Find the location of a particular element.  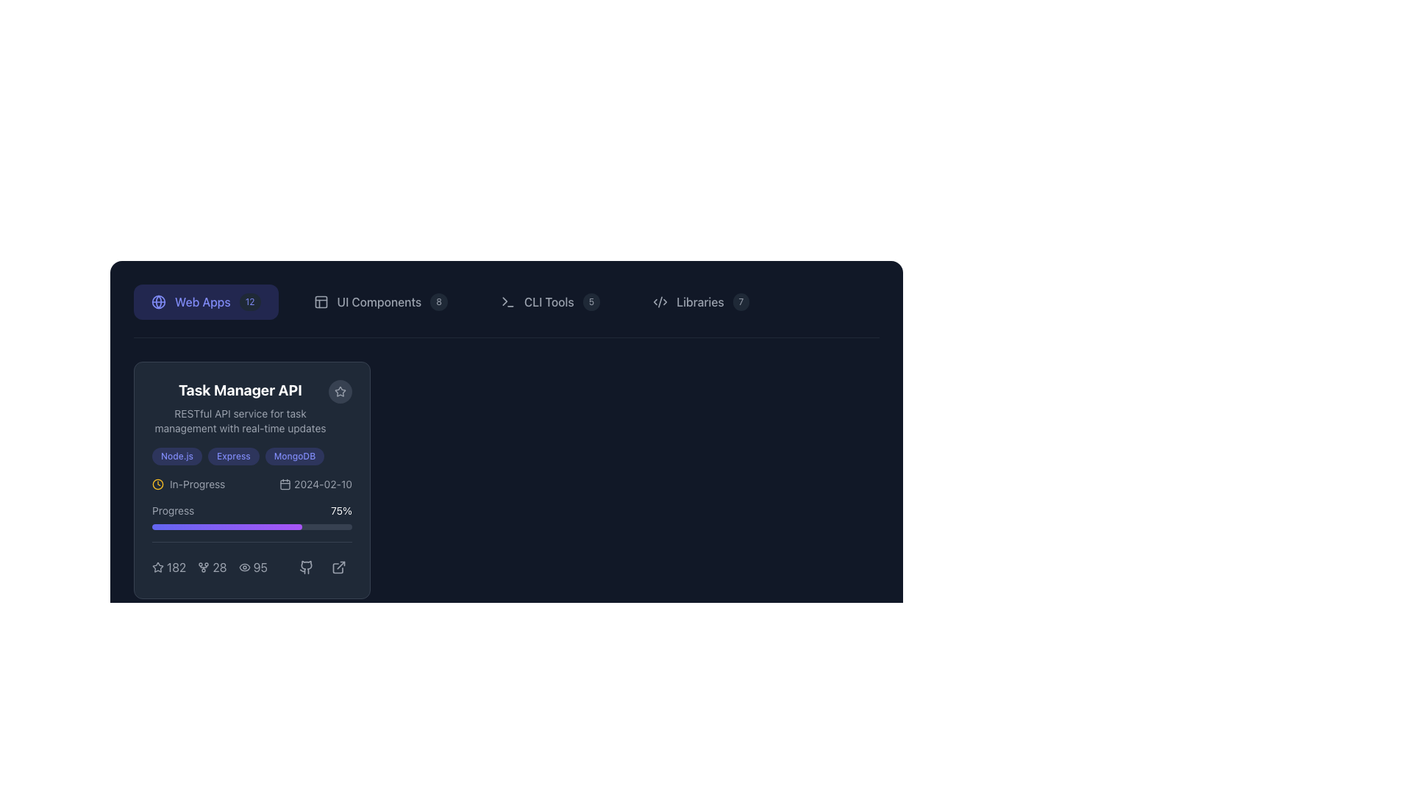

the static text label reading 'RESTful API service for task management with real-time updates' located beneath the heading 'Task Manager API' is located at coordinates (240, 421).